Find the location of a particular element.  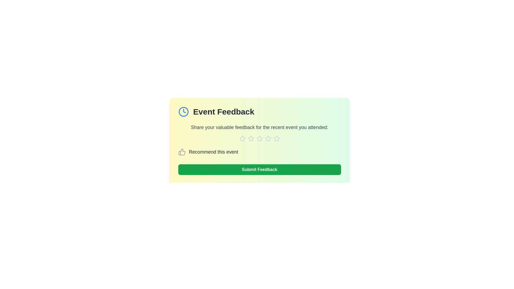

the star corresponding to 2 to assign a rating is located at coordinates (251, 138).